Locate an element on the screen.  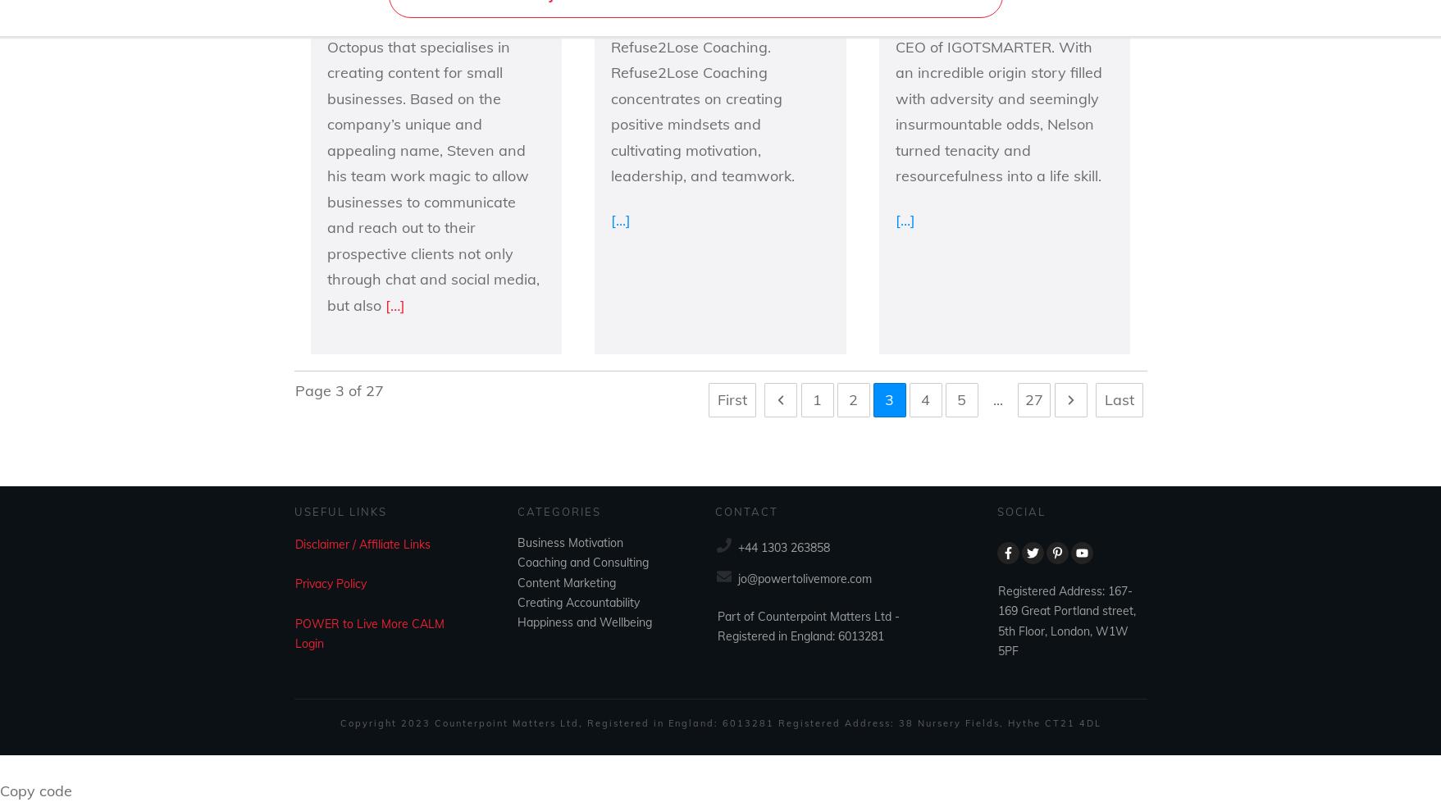
', Registered in England: 6013281 Registered Address: 38 Nursery Fields, Hythe CT21 4DL' is located at coordinates (839, 721).